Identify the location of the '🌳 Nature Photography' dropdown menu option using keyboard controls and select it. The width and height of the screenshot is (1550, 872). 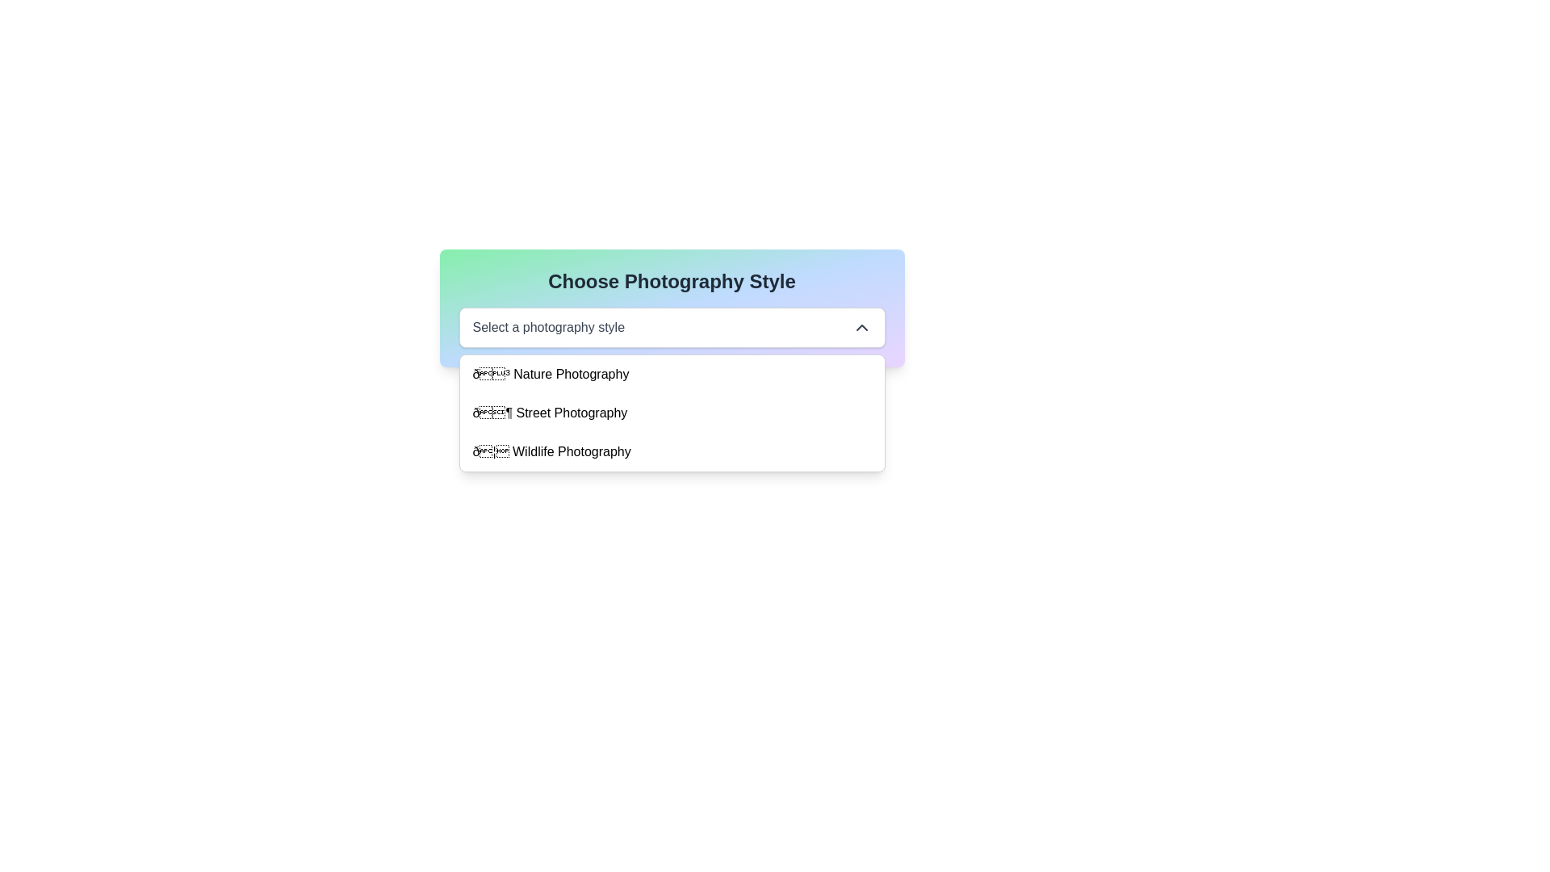
(551, 374).